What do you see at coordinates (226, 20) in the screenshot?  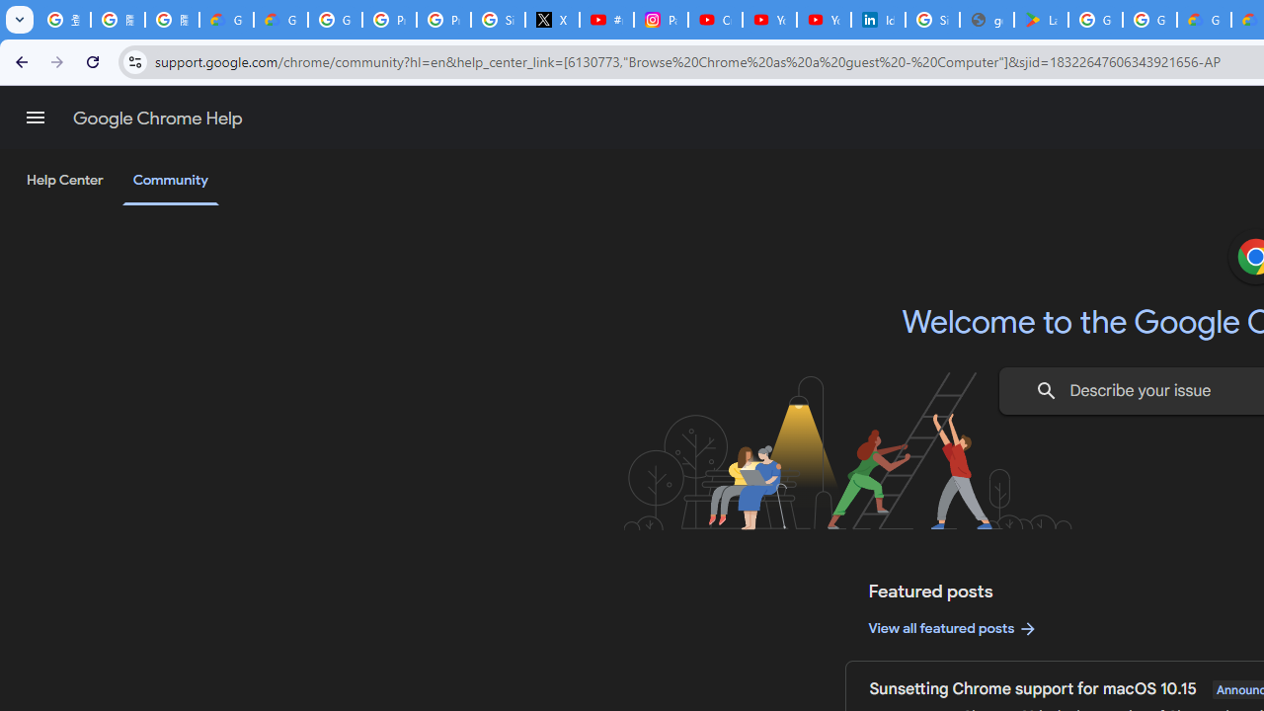 I see `'Google Cloud Privacy Notice'` at bounding box center [226, 20].